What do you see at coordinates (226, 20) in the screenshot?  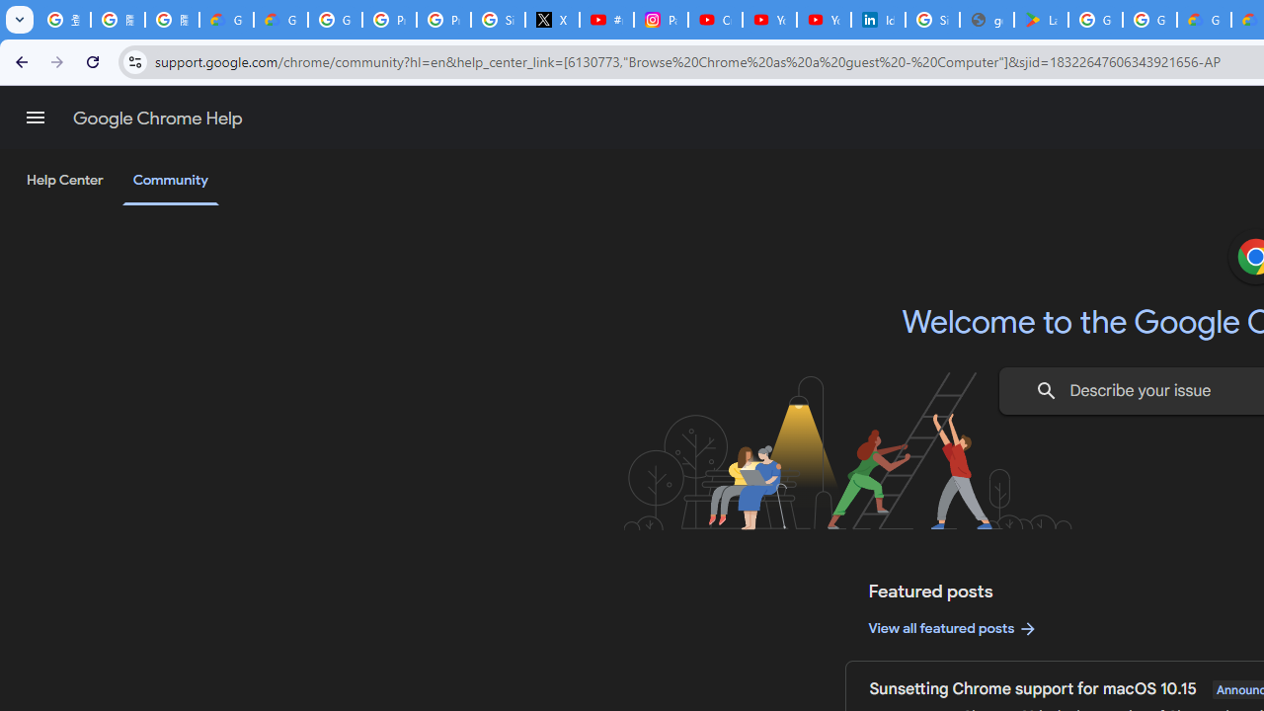 I see `'Google Cloud Privacy Notice'` at bounding box center [226, 20].